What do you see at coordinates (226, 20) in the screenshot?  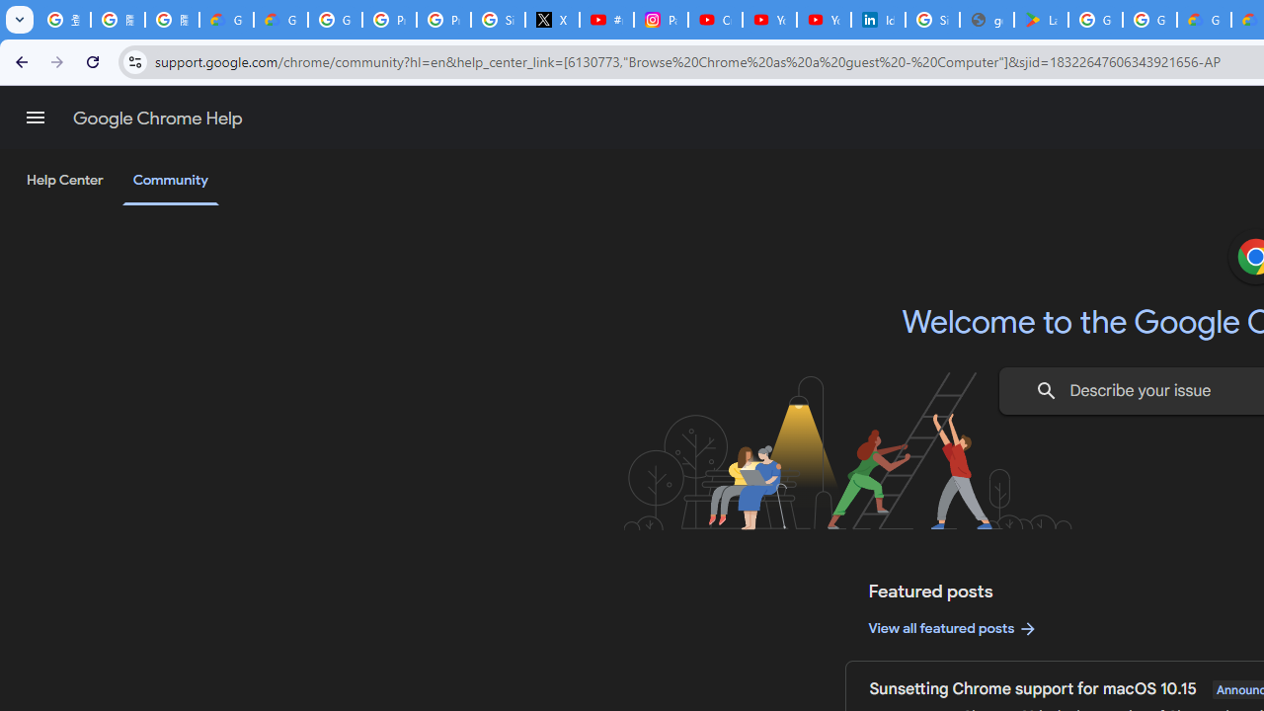 I see `'Google Cloud Privacy Notice'` at bounding box center [226, 20].